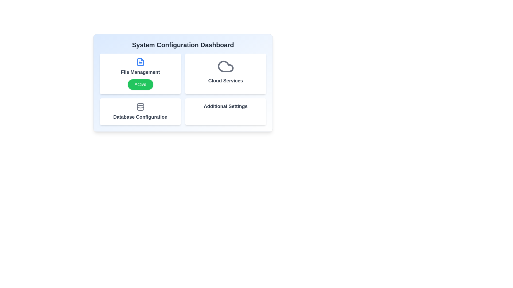 Image resolution: width=513 pixels, height=288 pixels. I want to click on the 'Database Configuration' card located in the bottom-left corner of the grid layout to read additional details, so click(140, 111).